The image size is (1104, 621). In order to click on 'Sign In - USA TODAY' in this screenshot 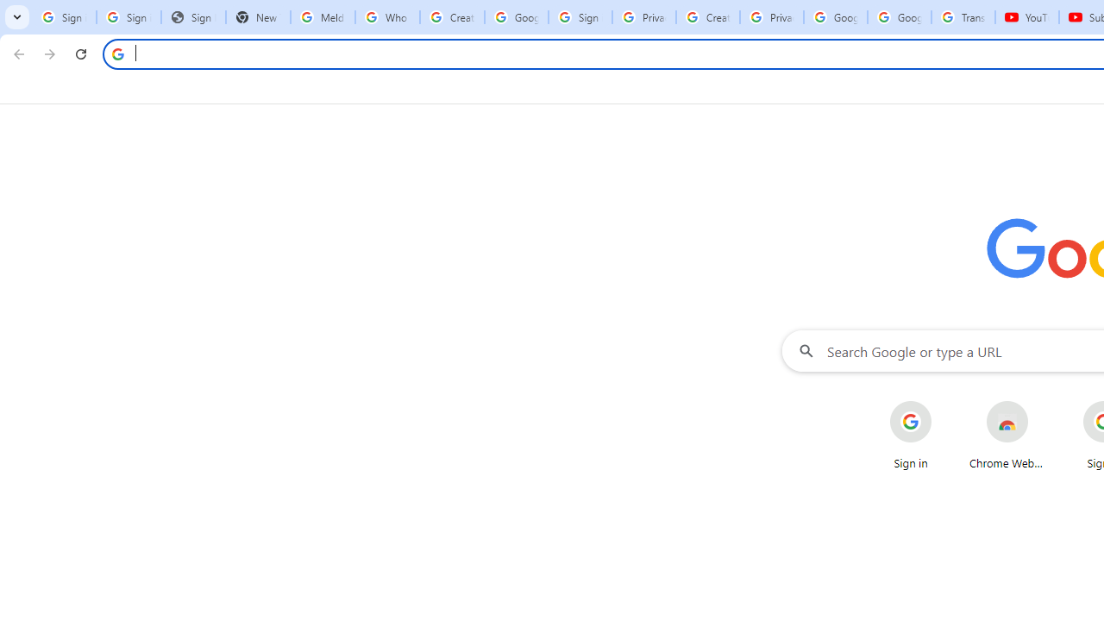, I will do `click(193, 17)`.